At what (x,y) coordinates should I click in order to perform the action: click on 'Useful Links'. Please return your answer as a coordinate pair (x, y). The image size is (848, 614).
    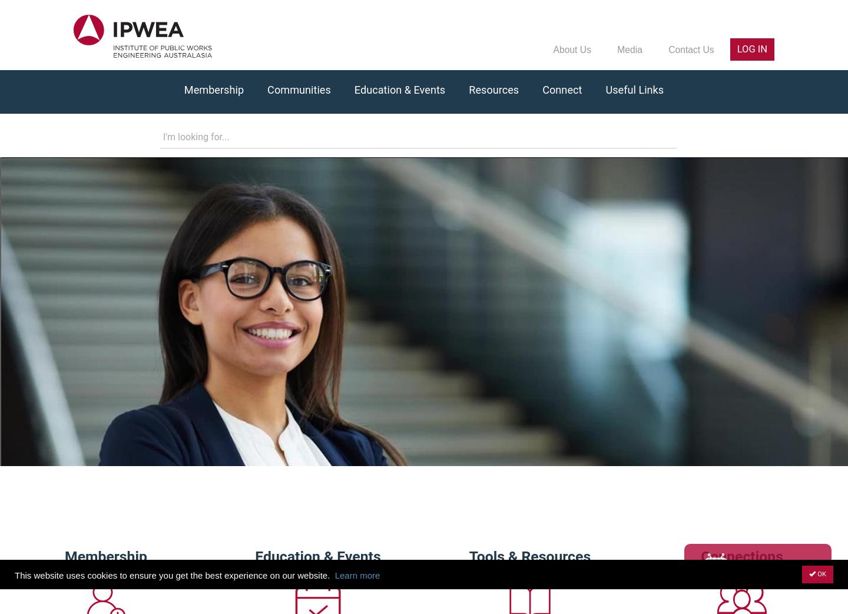
    Looking at the image, I should click on (605, 90).